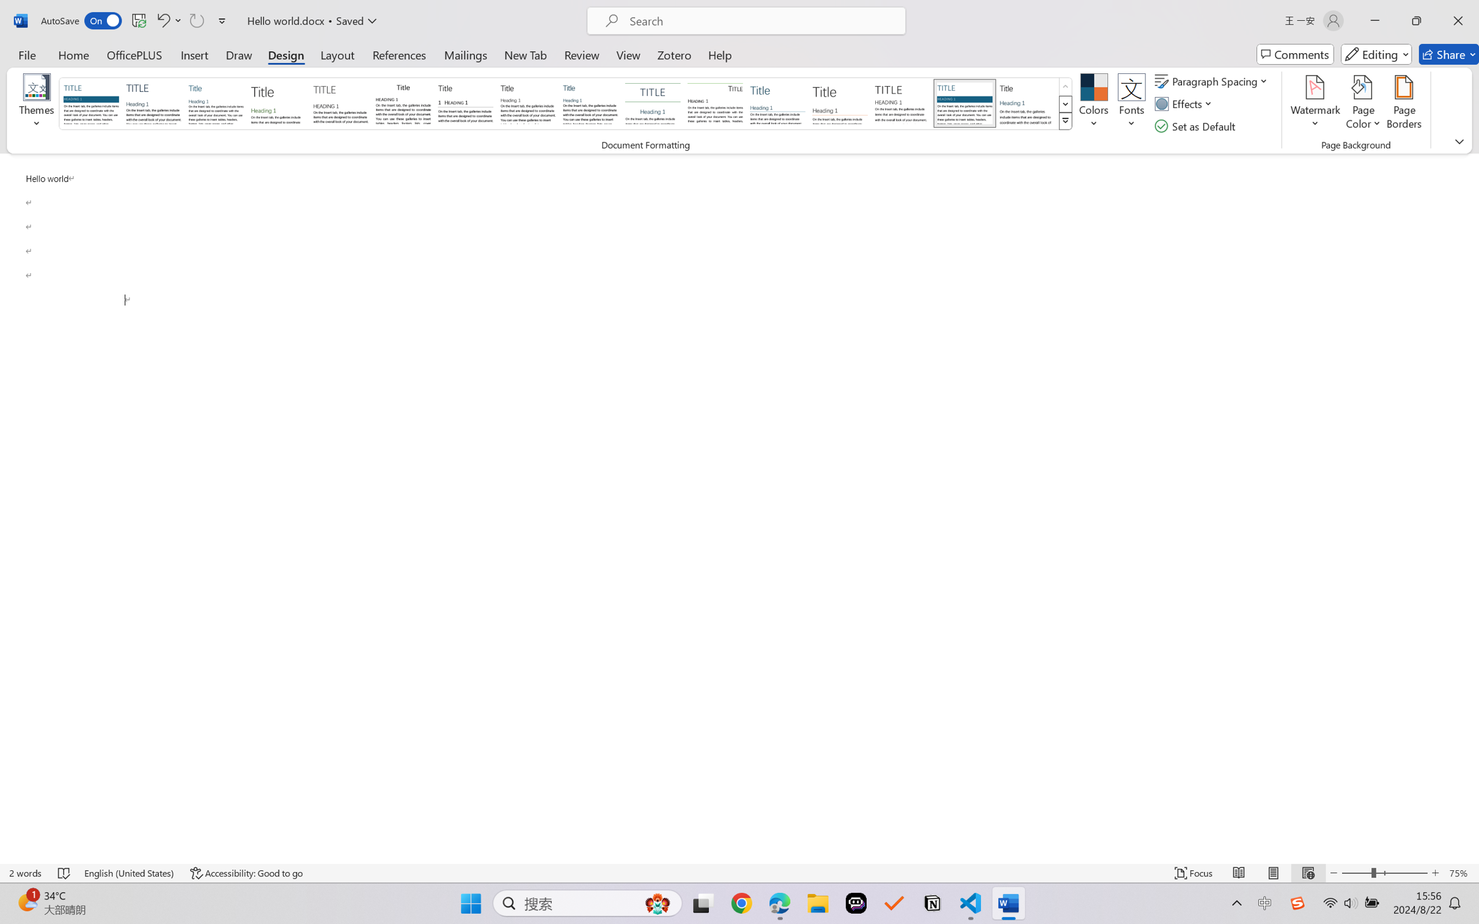 This screenshot has width=1479, height=924. I want to click on 'New Tab', so click(525, 54).